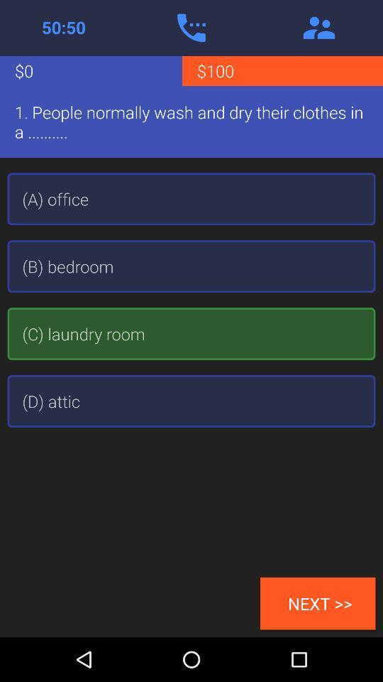 This screenshot has width=383, height=682. What do you see at coordinates (191, 27) in the screenshot?
I see `button for connecting phone` at bounding box center [191, 27].